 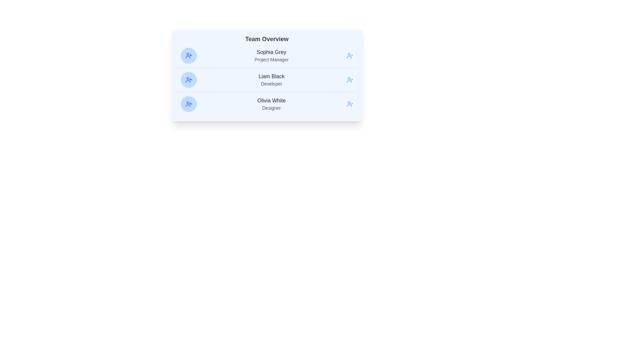 What do you see at coordinates (188, 79) in the screenshot?
I see `the interactive add member icon associated with 'Liam Black'` at bounding box center [188, 79].